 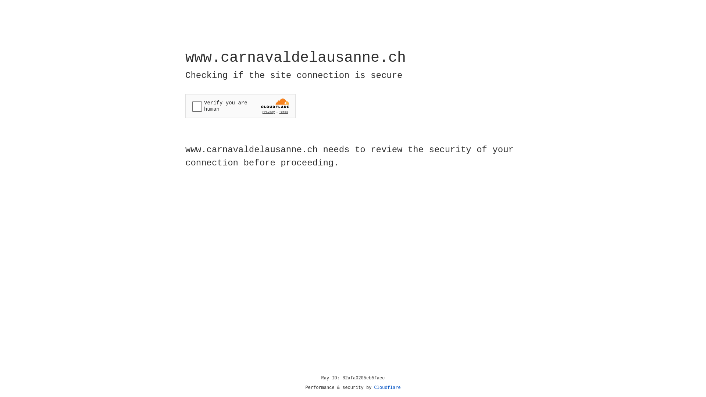 What do you see at coordinates (240, 106) in the screenshot?
I see `'Widget containing a Cloudflare security challenge'` at bounding box center [240, 106].